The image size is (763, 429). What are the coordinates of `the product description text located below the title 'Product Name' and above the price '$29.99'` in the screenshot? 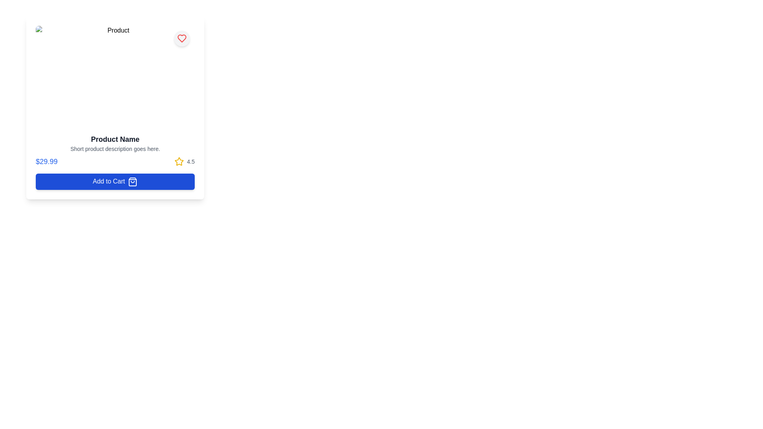 It's located at (114, 149).